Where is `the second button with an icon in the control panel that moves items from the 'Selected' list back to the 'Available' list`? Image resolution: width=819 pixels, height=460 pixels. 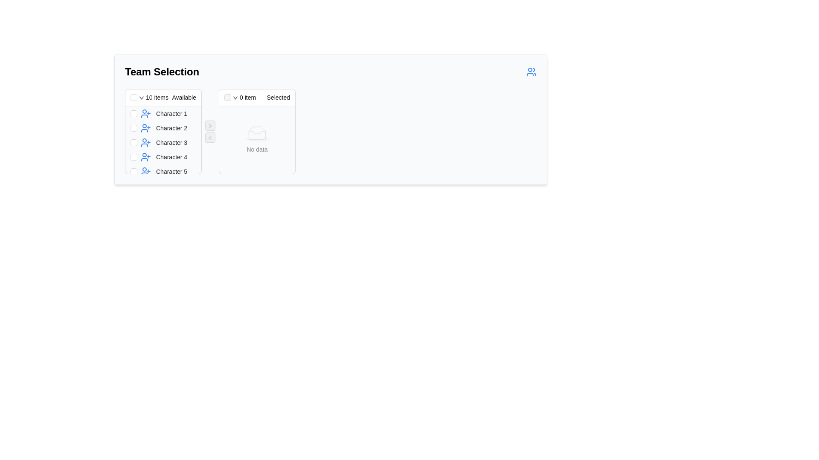
the second button with an icon in the control panel that moves items from the 'Selected' list back to the 'Available' list is located at coordinates (210, 137).